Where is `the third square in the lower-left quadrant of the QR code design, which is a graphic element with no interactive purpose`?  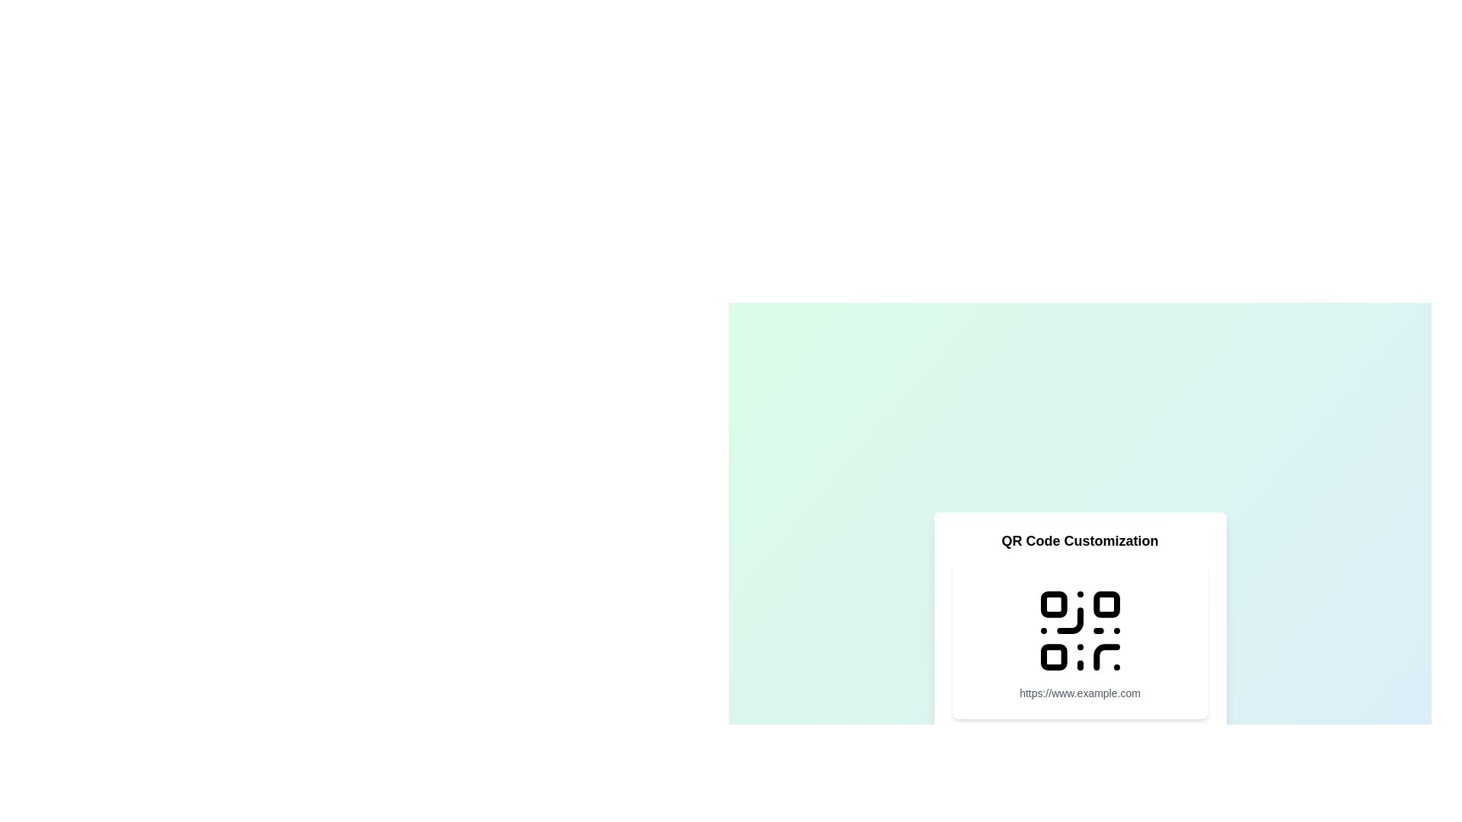
the third square in the lower-left quadrant of the QR code design, which is a graphic element with no interactive purpose is located at coordinates (1052, 656).